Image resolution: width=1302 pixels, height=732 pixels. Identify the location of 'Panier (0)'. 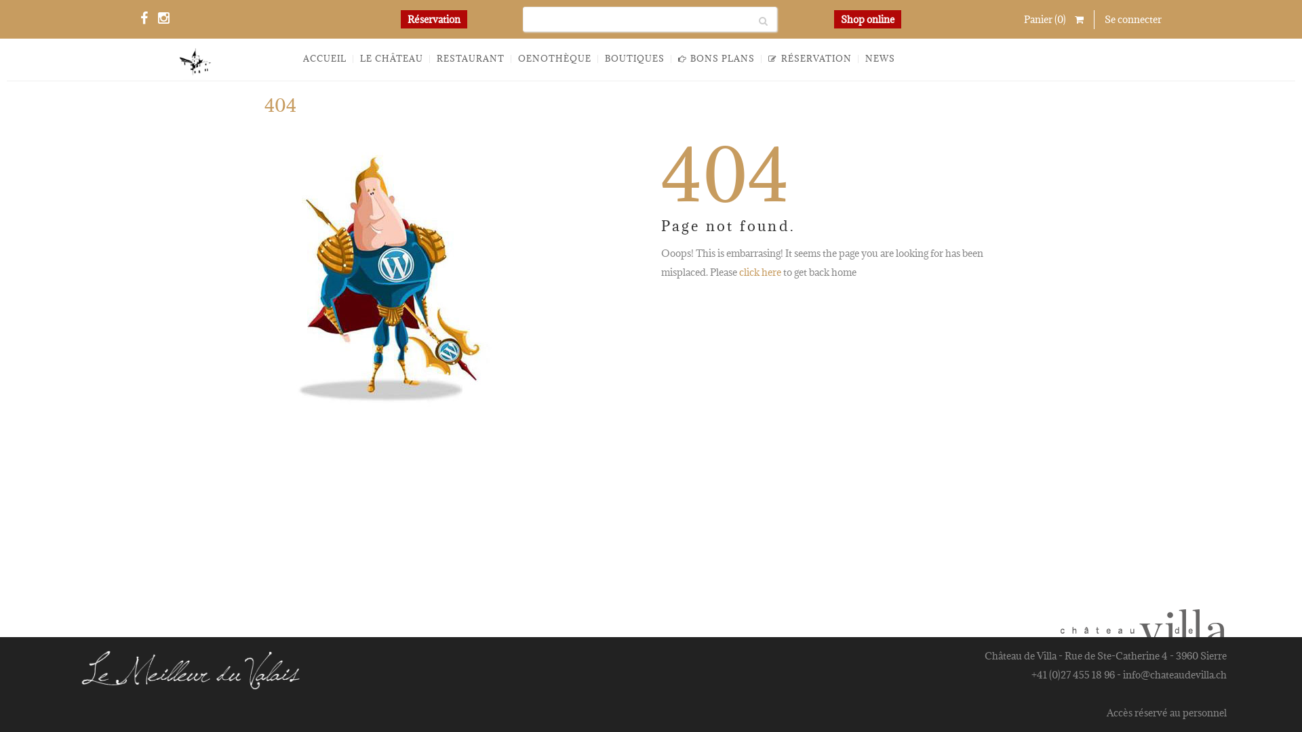
(1024, 20).